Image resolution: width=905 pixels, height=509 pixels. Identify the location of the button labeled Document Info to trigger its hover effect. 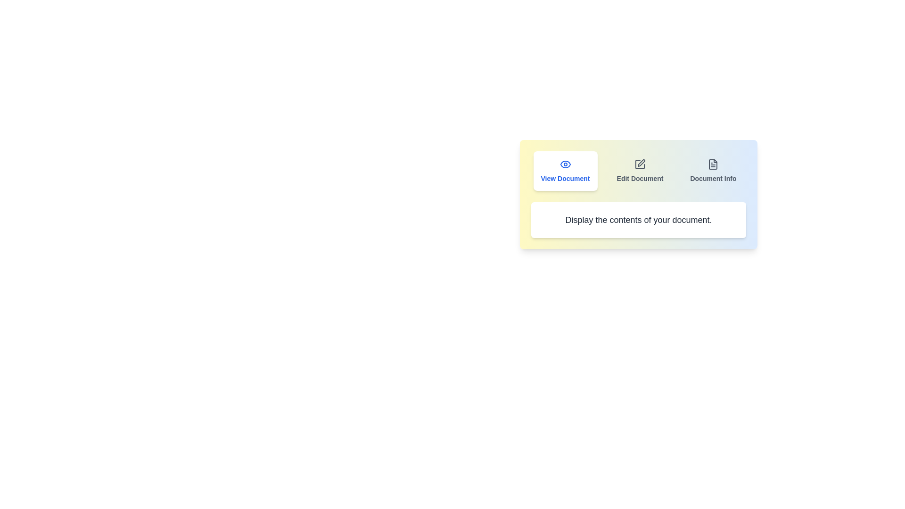
(713, 171).